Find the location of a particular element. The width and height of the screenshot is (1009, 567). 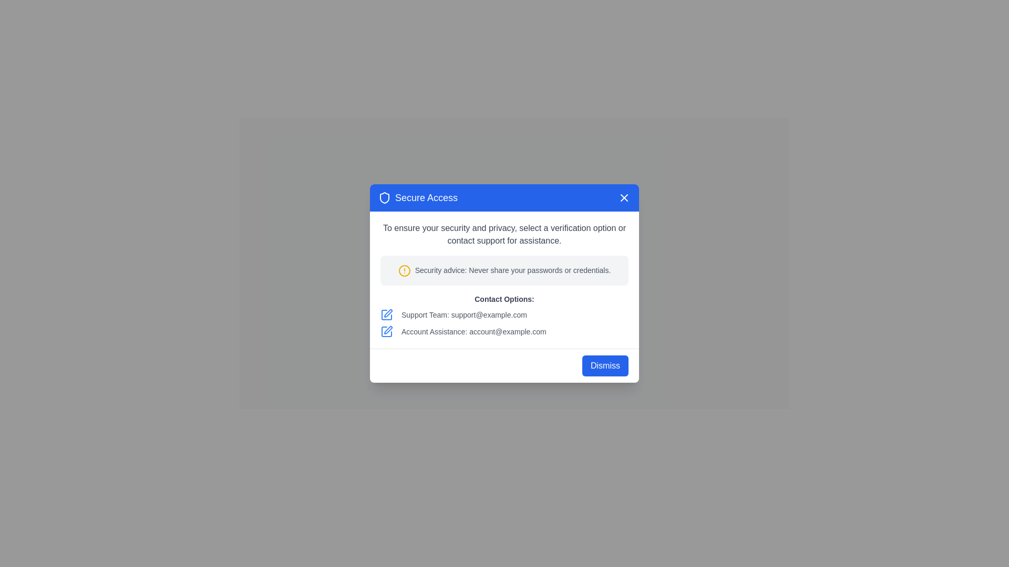

the text label displaying 'Account Assistance' in muted gray color, which is part of the contact information section in the dialog box is located at coordinates (433, 331).